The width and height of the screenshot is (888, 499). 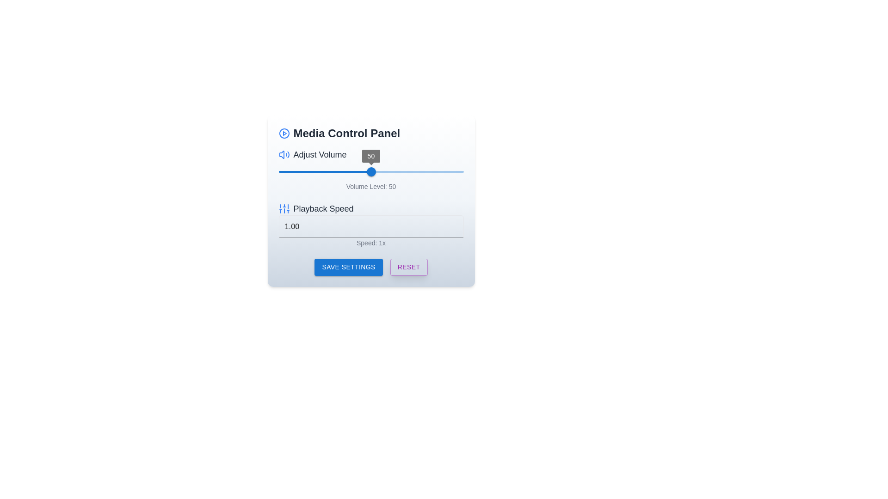 I want to click on volume, so click(x=297, y=171).